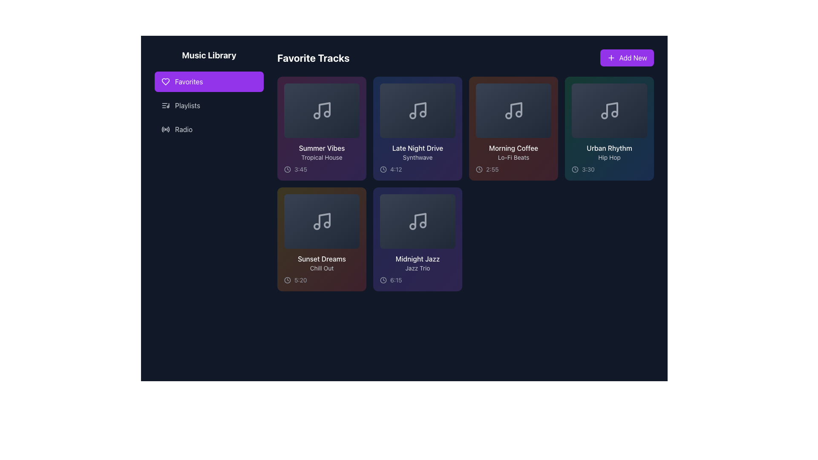 The height and width of the screenshot is (460, 818). Describe the element at coordinates (609, 158) in the screenshot. I see `the static text label displaying 'Hip Hop', which is located under 'Urban Rhythm' within the 'Favorite Tracks' card` at that location.